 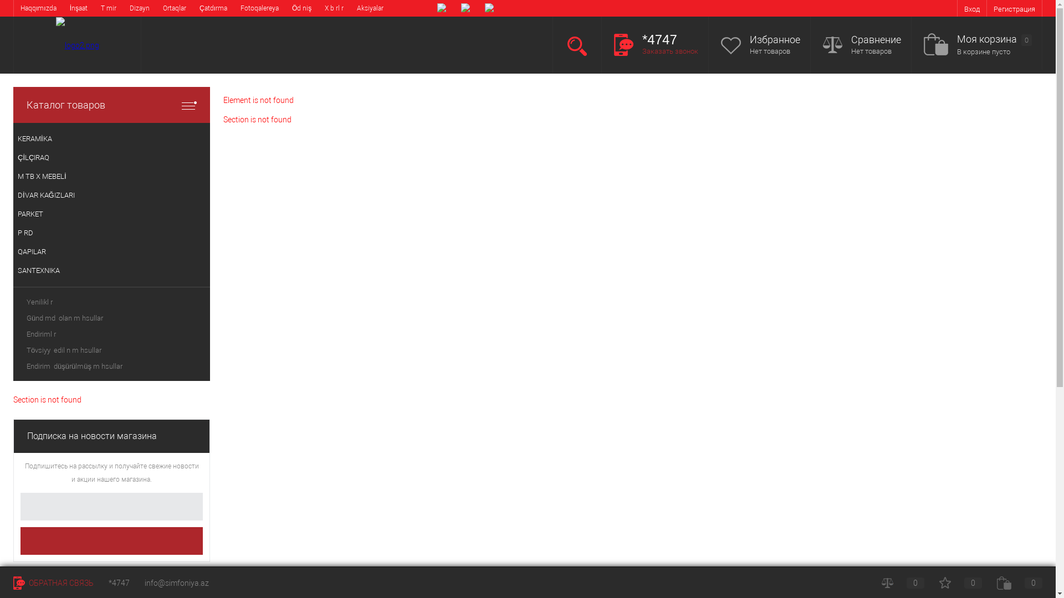 What do you see at coordinates (144, 582) in the screenshot?
I see `'info@simfoniya.az'` at bounding box center [144, 582].